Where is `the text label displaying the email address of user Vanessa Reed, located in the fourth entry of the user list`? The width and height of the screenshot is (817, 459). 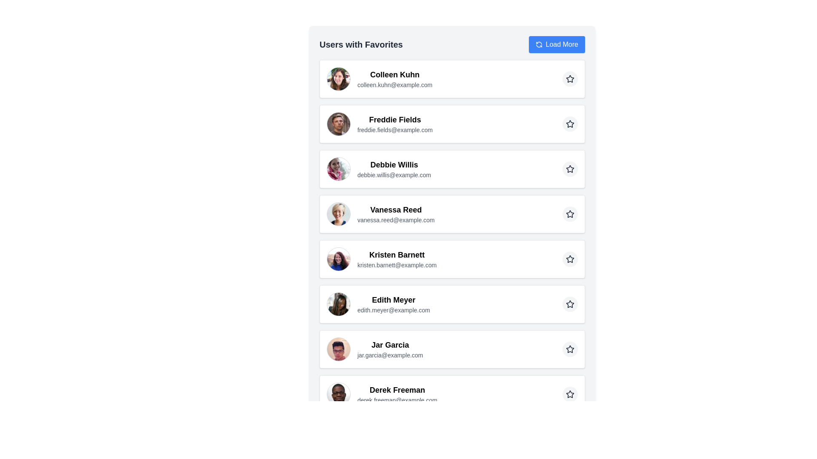
the text label displaying the email address of user Vanessa Reed, located in the fourth entry of the user list is located at coordinates (395, 219).